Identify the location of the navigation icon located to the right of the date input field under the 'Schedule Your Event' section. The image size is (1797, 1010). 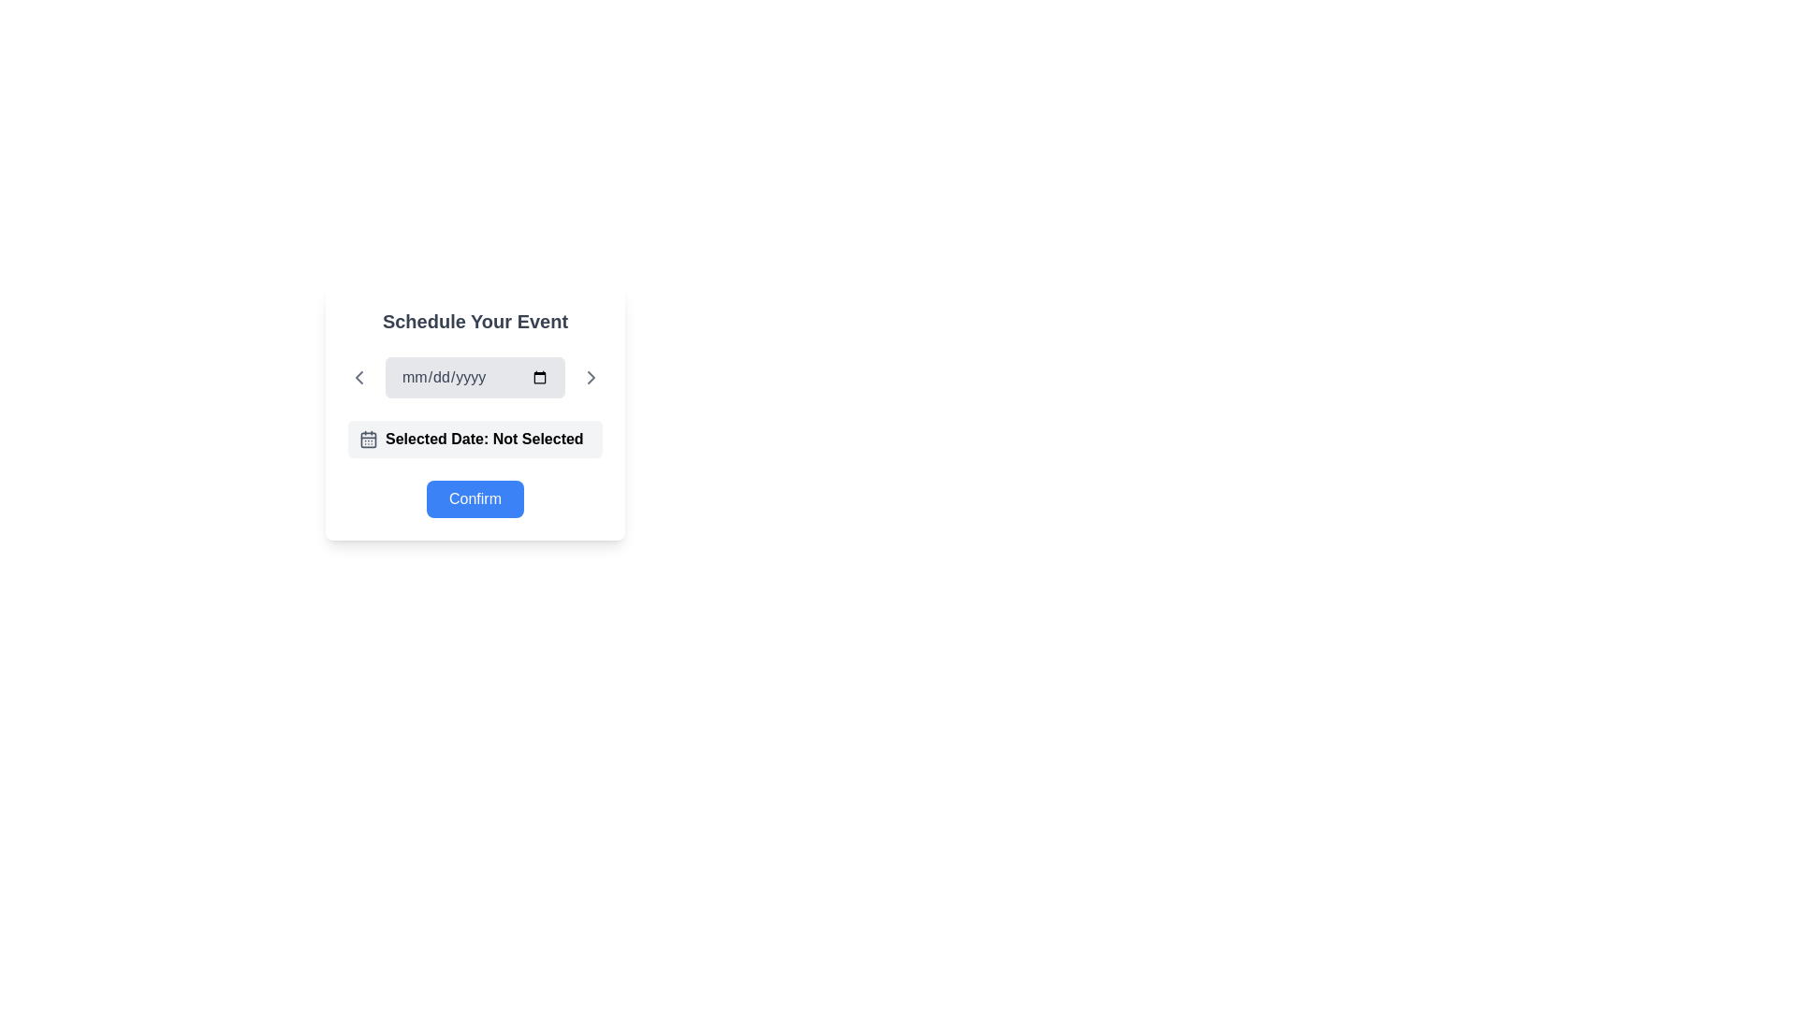
(591, 378).